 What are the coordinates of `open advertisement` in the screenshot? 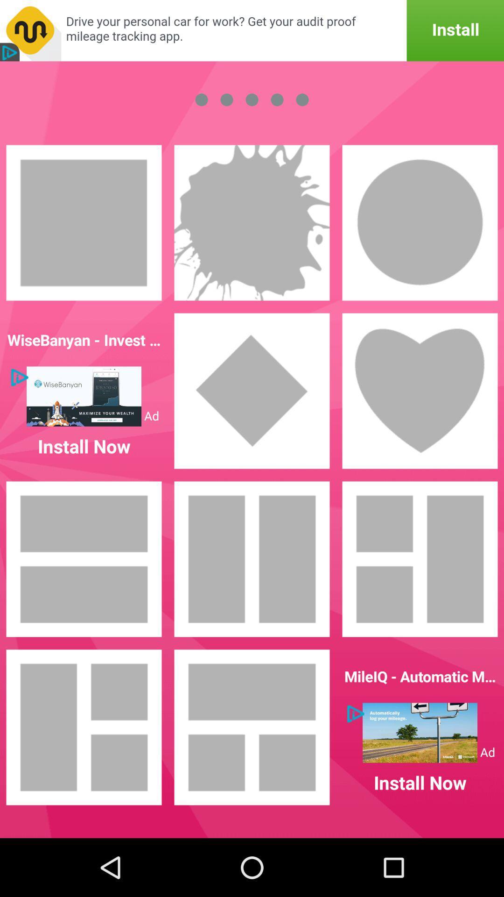 It's located at (252, 30).